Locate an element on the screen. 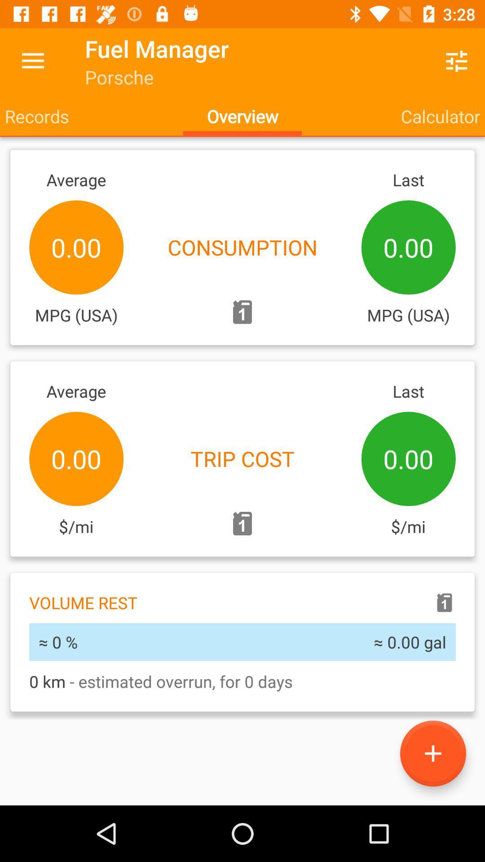  to expand is located at coordinates (432, 753).